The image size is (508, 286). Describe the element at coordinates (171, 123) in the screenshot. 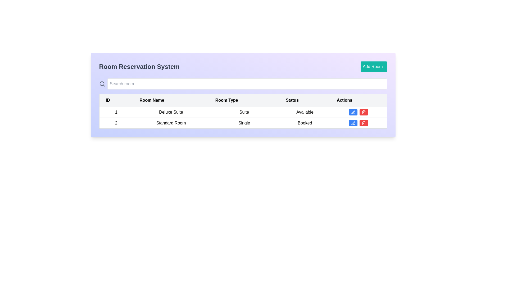

I see `the text label displaying 'Standard Room' in the 'Room Name' column of the table` at that location.